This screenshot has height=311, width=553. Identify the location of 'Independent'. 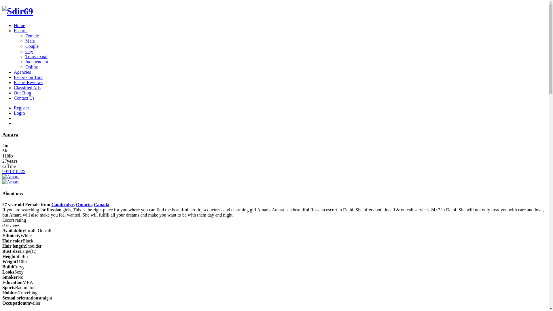
(36, 62).